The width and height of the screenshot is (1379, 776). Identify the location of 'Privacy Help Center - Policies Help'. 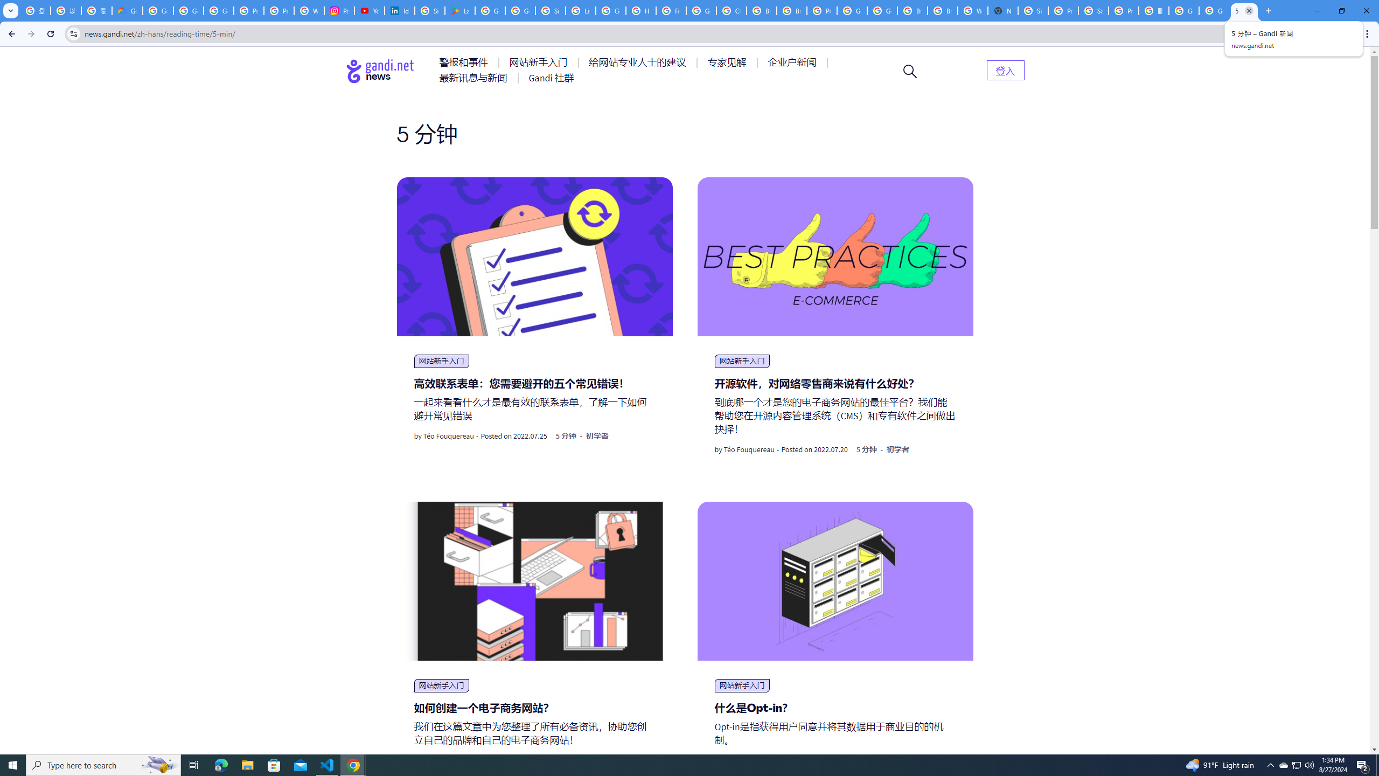
(278, 10).